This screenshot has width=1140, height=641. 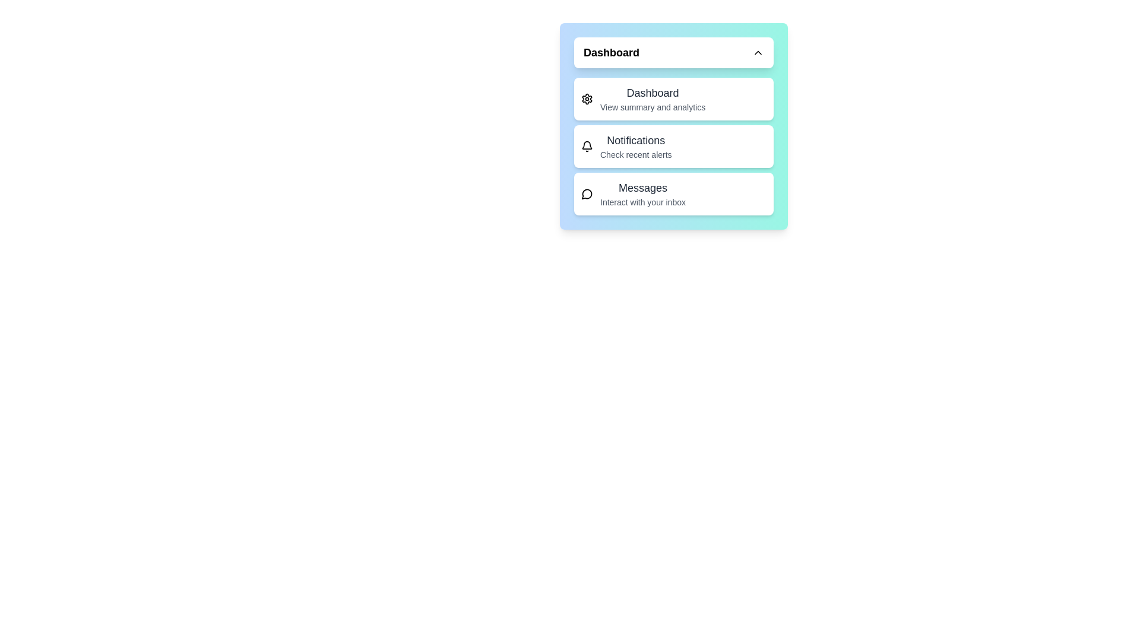 What do you see at coordinates (673, 98) in the screenshot?
I see `the menu item Dashboard by clicking on it` at bounding box center [673, 98].